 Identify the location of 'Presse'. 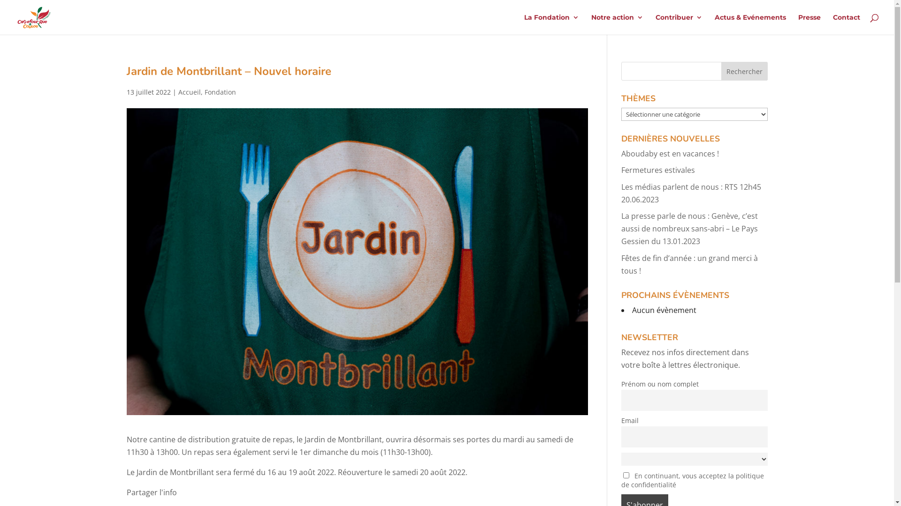
(809, 23).